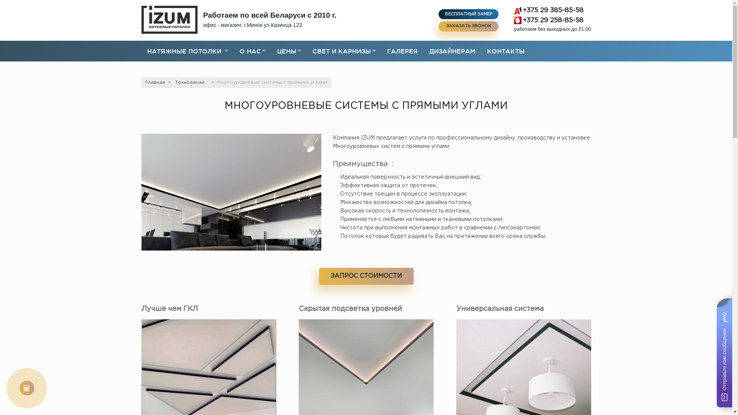 The image size is (738, 415). What do you see at coordinates (514, 20) in the screenshot?
I see `'+375 29 258-85-58'` at bounding box center [514, 20].